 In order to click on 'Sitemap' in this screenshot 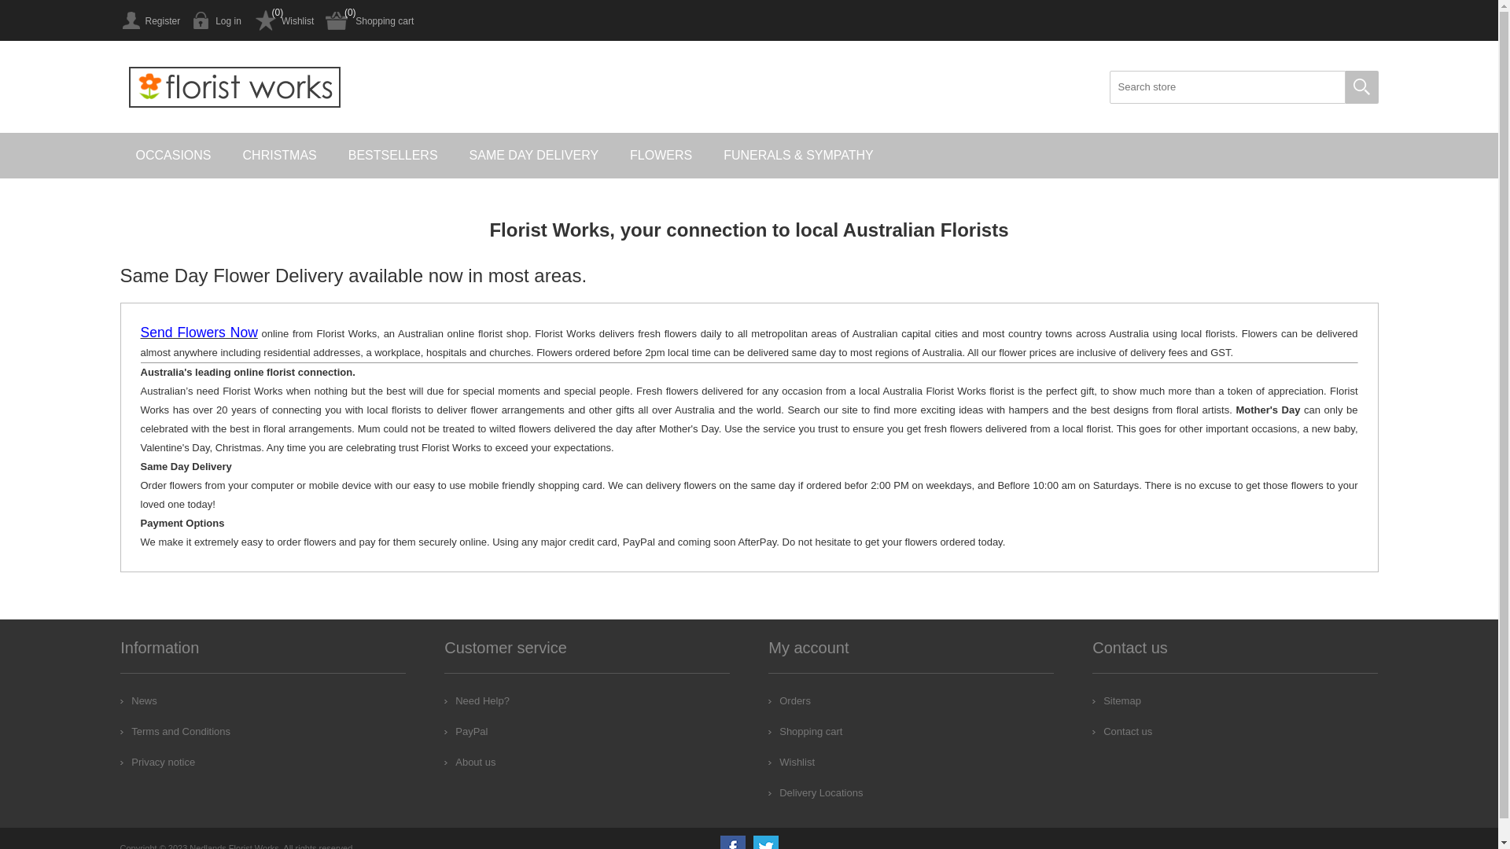, I will do `click(1116, 700)`.